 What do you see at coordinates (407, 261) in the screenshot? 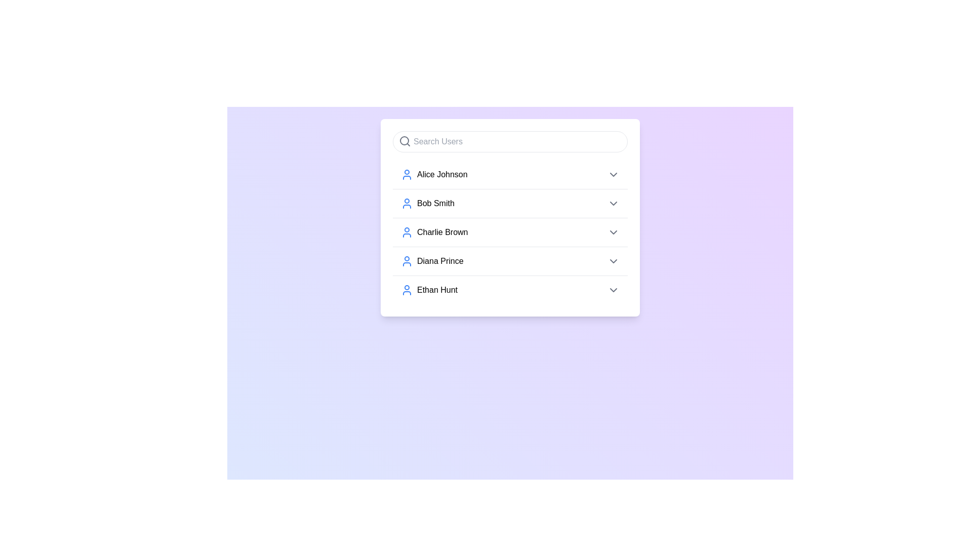
I see `the user profile silhouette icon located before the text 'Diana Prince' in the user list` at bounding box center [407, 261].